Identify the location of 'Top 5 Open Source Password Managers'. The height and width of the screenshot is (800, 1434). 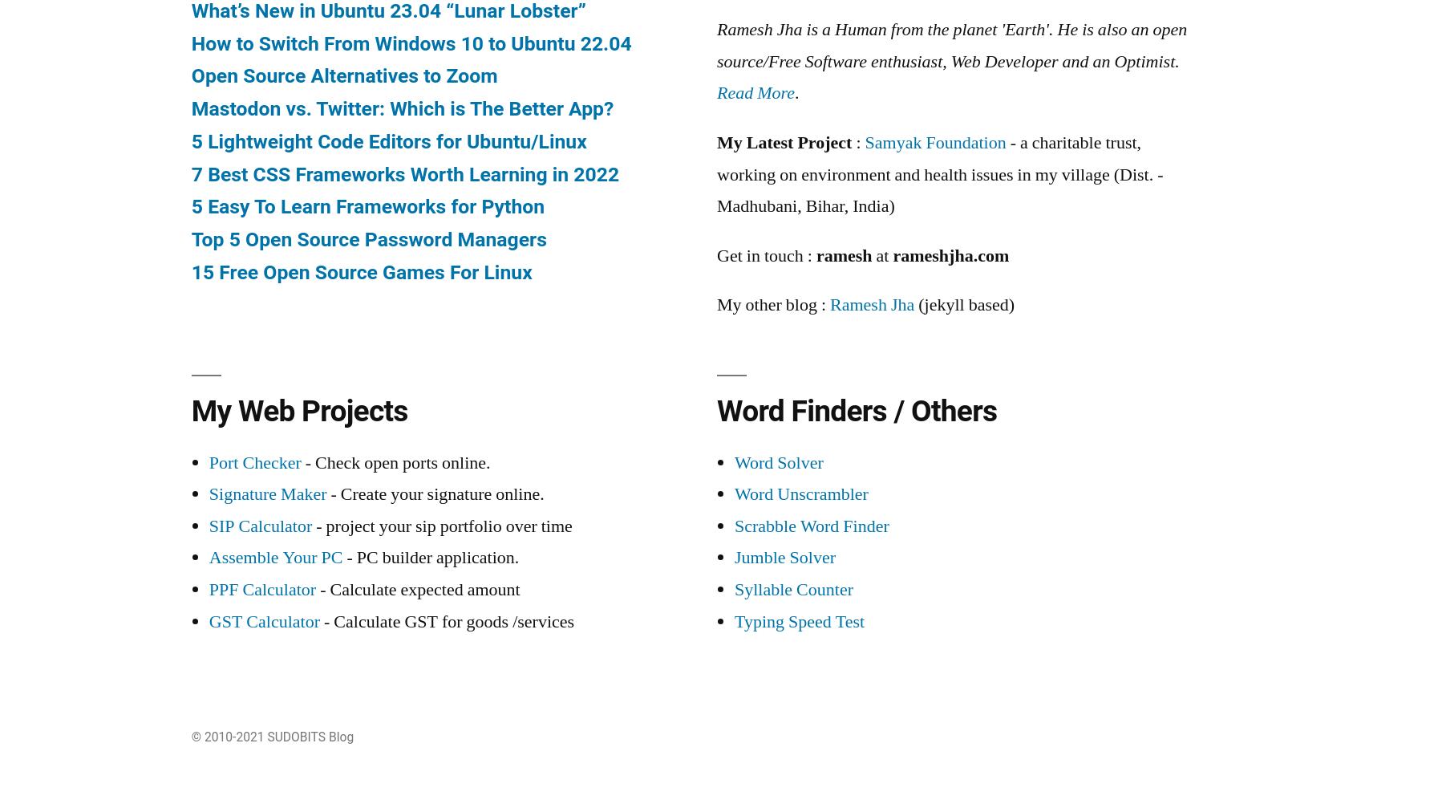
(368, 238).